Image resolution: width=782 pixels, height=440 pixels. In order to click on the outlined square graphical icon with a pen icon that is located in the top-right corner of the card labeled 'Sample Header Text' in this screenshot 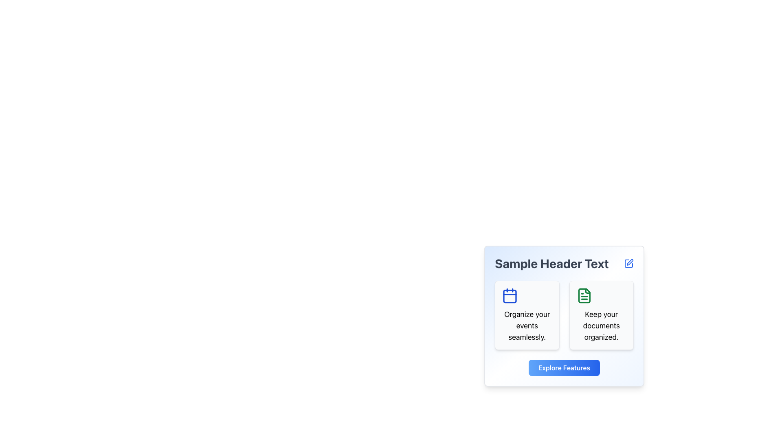, I will do `click(628, 264)`.